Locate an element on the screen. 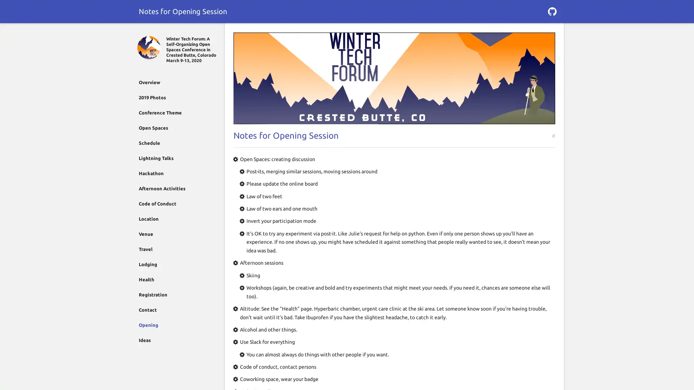 The height and width of the screenshot is (390, 694). Search is located at coordinates (552, 31).